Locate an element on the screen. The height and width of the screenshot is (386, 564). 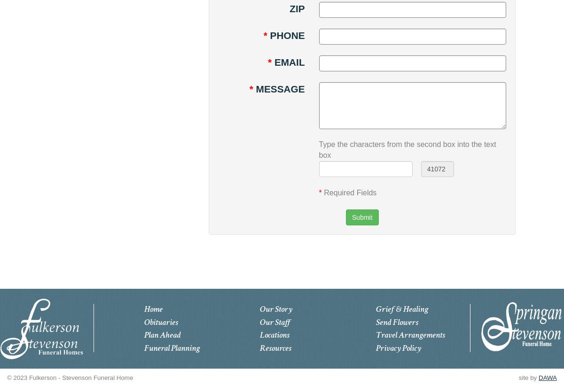
'Travel Arrangements' is located at coordinates (409, 335).